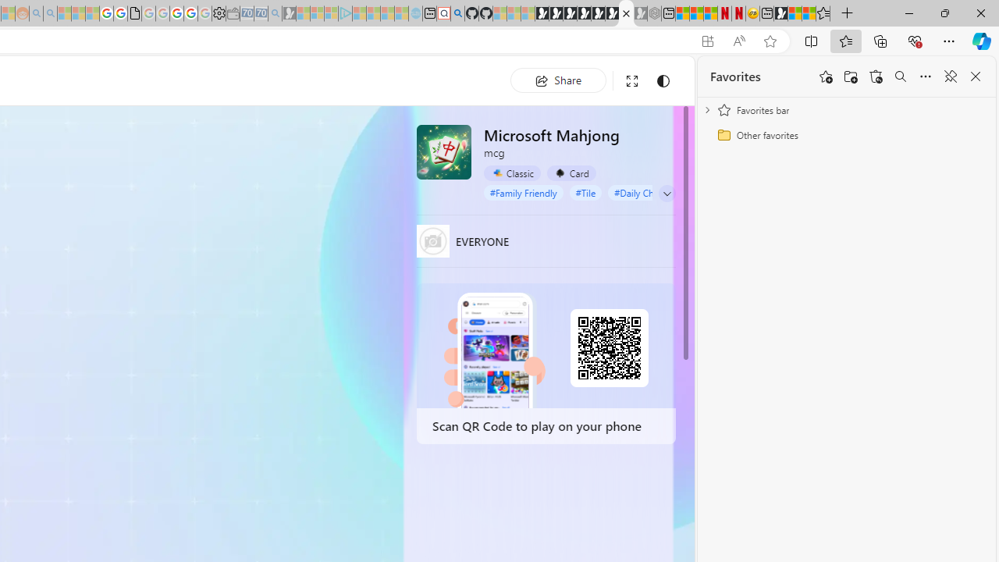 Image resolution: width=999 pixels, height=562 pixels. I want to click on 'Share', so click(558, 80).